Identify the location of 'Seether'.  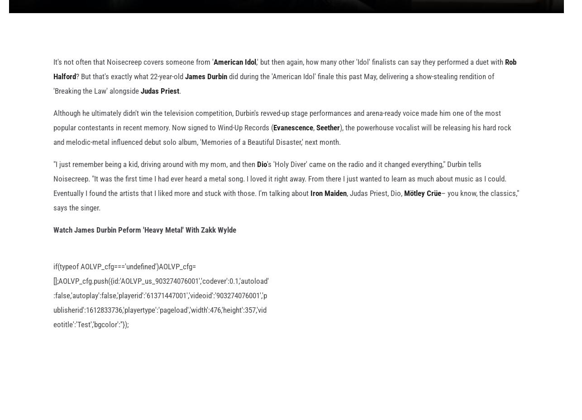
(328, 142).